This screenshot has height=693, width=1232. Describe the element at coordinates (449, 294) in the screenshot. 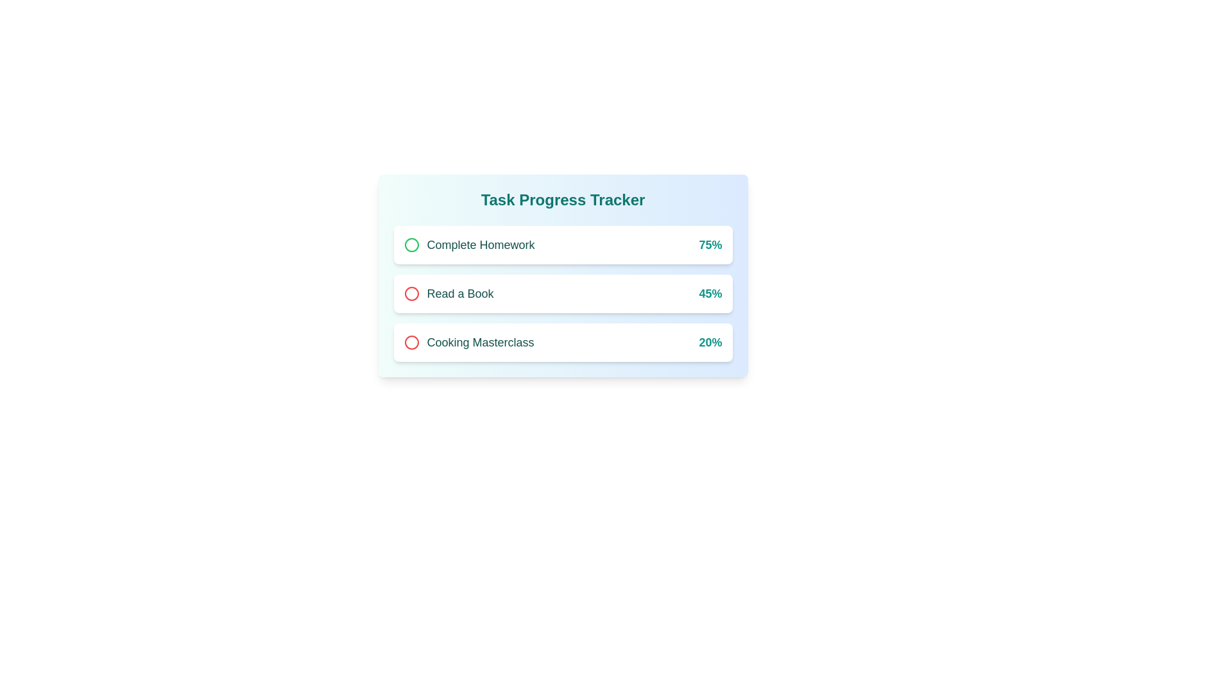

I see `the text of the second task in the progress tracker, which is positioned between 'Complete Homework' and 'Cooking Masterclass'` at that location.